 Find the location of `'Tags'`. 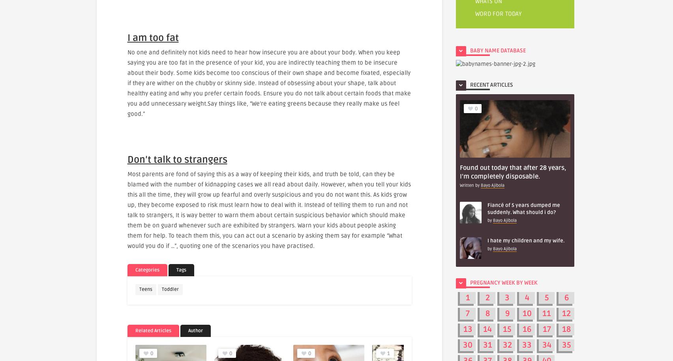

'Tags' is located at coordinates (176, 269).